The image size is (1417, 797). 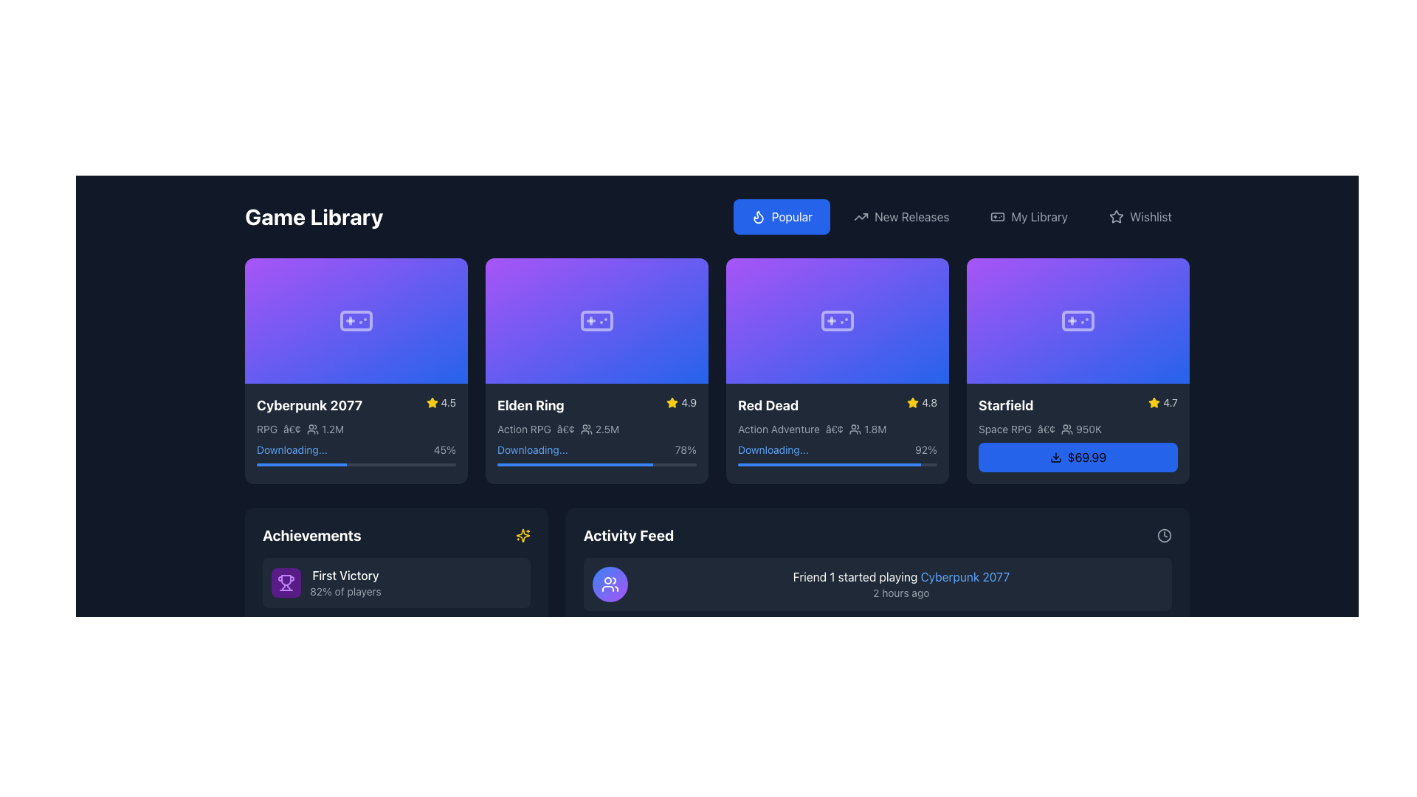 What do you see at coordinates (900, 648) in the screenshot?
I see `notification card displaying the message 'Friend 2 started playing Cyberpunk 2077 2 hours ago', which includes 'Cyberpunk 2077' highlighted in blue` at bounding box center [900, 648].